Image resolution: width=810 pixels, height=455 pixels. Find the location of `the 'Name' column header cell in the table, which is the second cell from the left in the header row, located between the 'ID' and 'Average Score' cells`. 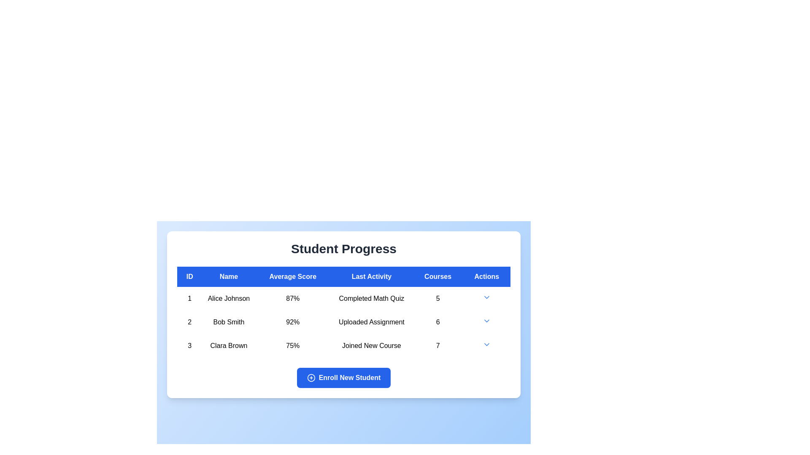

the 'Name' column header cell in the table, which is the second cell from the left in the header row, located between the 'ID' and 'Average Score' cells is located at coordinates (229, 276).